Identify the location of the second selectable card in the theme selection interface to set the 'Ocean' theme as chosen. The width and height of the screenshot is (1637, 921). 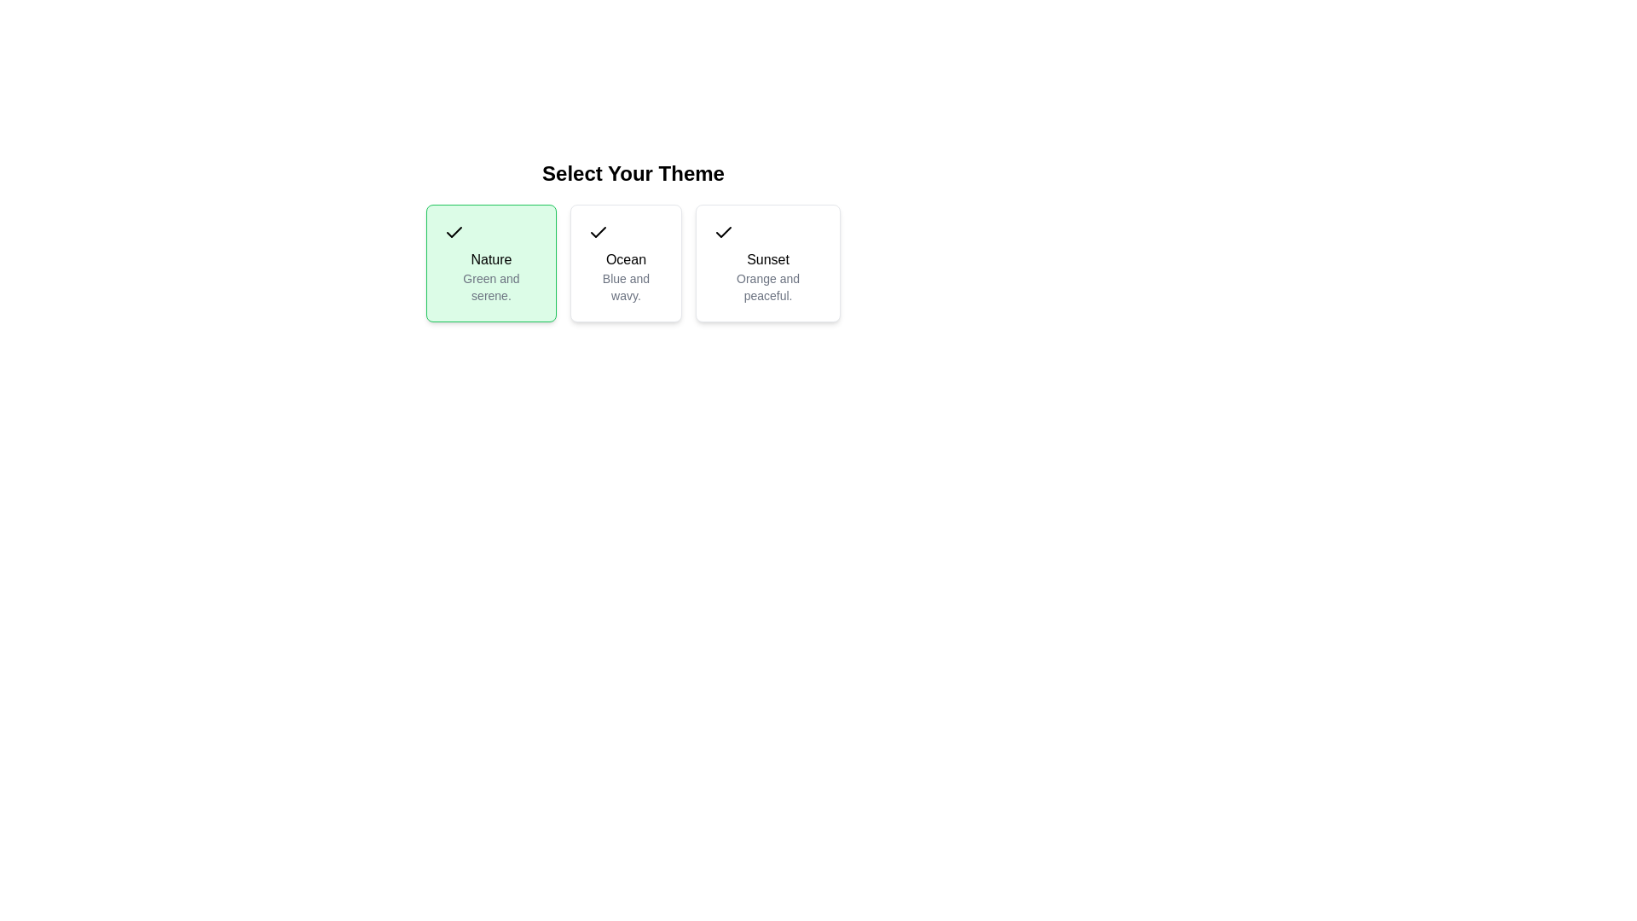
(633, 263).